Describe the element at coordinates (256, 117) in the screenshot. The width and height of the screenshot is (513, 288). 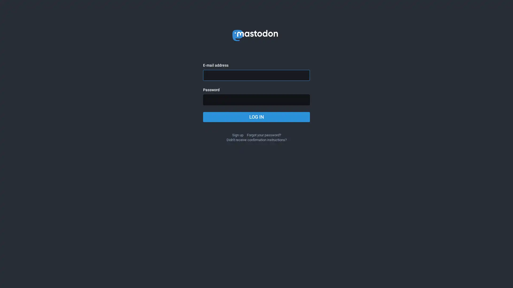
I see `LOG IN` at that location.